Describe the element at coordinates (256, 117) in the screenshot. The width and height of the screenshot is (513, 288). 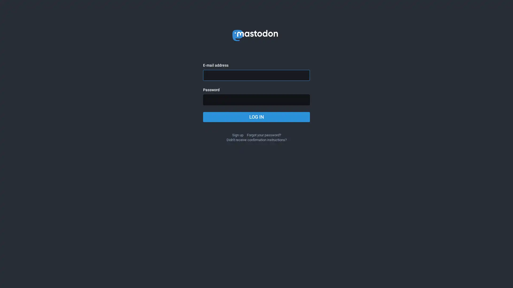
I see `LOG IN` at that location.